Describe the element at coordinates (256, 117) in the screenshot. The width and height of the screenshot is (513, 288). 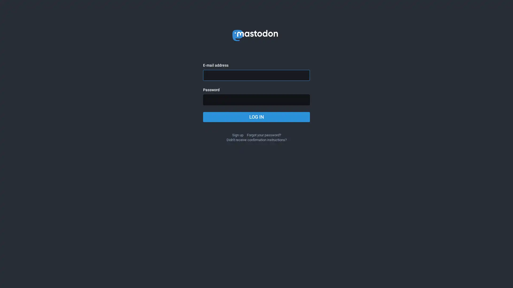
I see `LOG IN` at that location.